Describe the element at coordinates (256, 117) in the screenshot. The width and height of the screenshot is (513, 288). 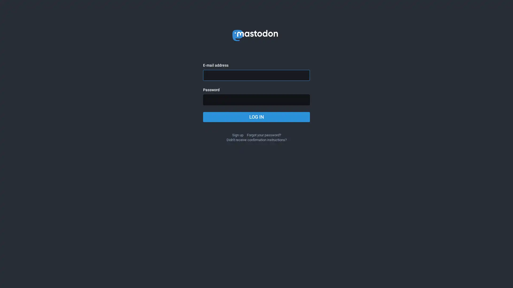
I see `LOG IN` at that location.